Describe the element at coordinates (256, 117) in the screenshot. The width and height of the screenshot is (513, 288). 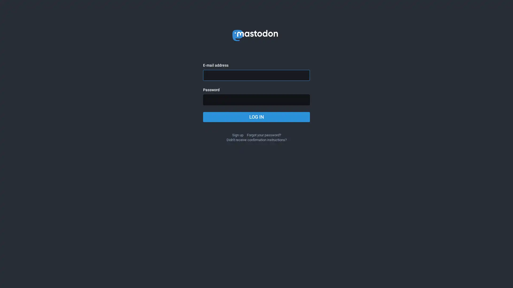
I see `LOG IN` at that location.